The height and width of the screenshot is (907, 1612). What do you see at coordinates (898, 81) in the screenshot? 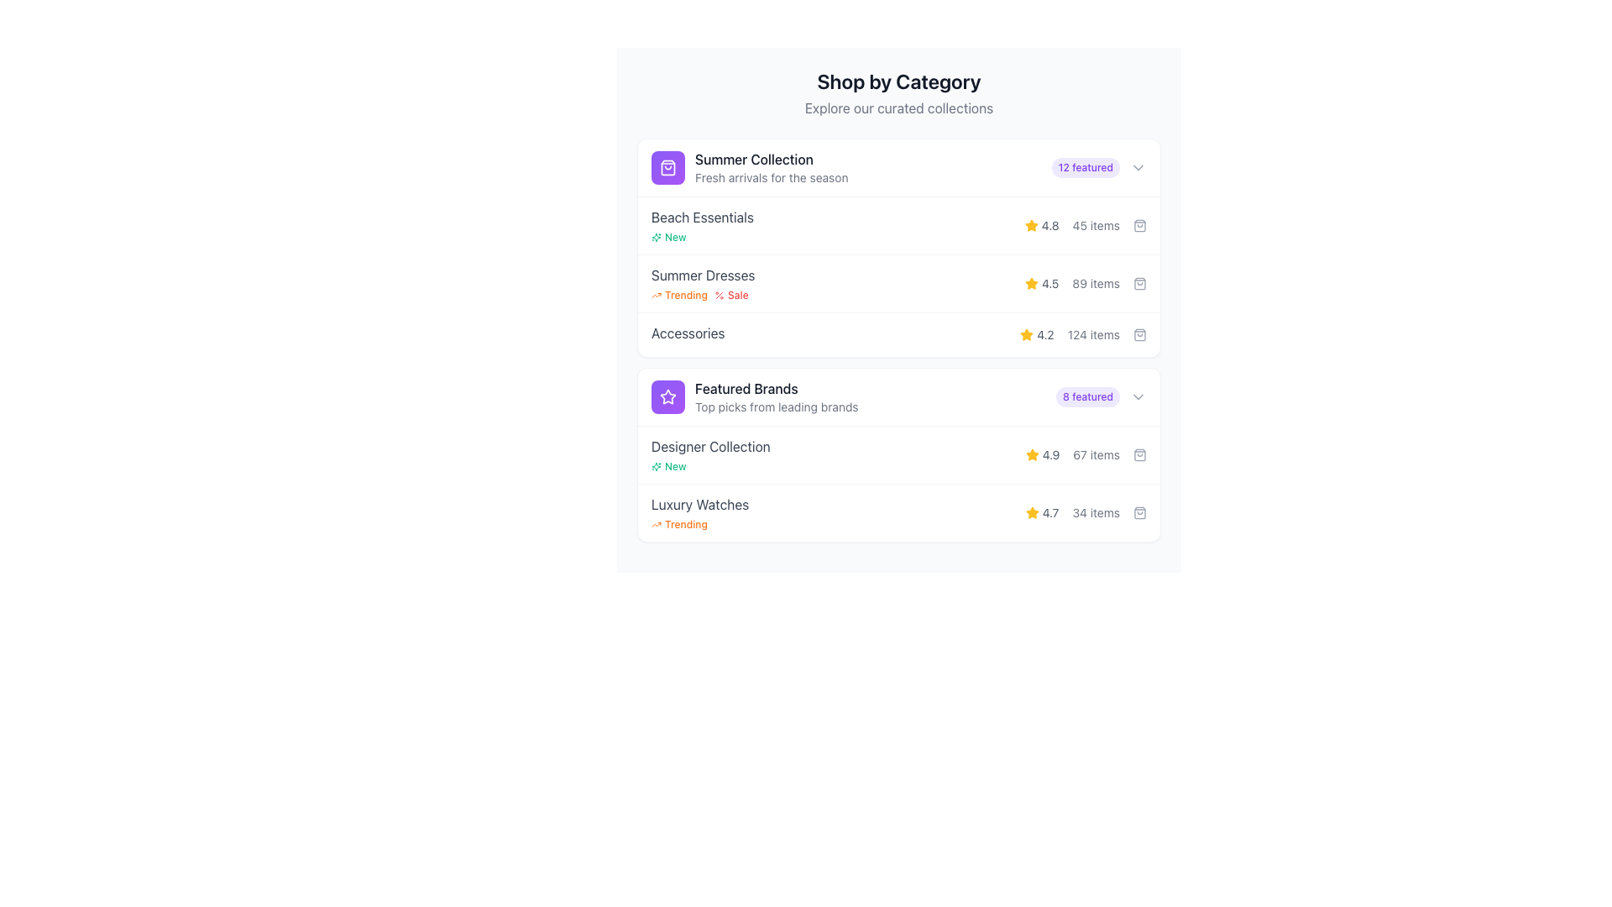
I see `the static text header displaying 'Shop by Category', which is styled in a bold, large font and located at the top center of its section` at bounding box center [898, 81].